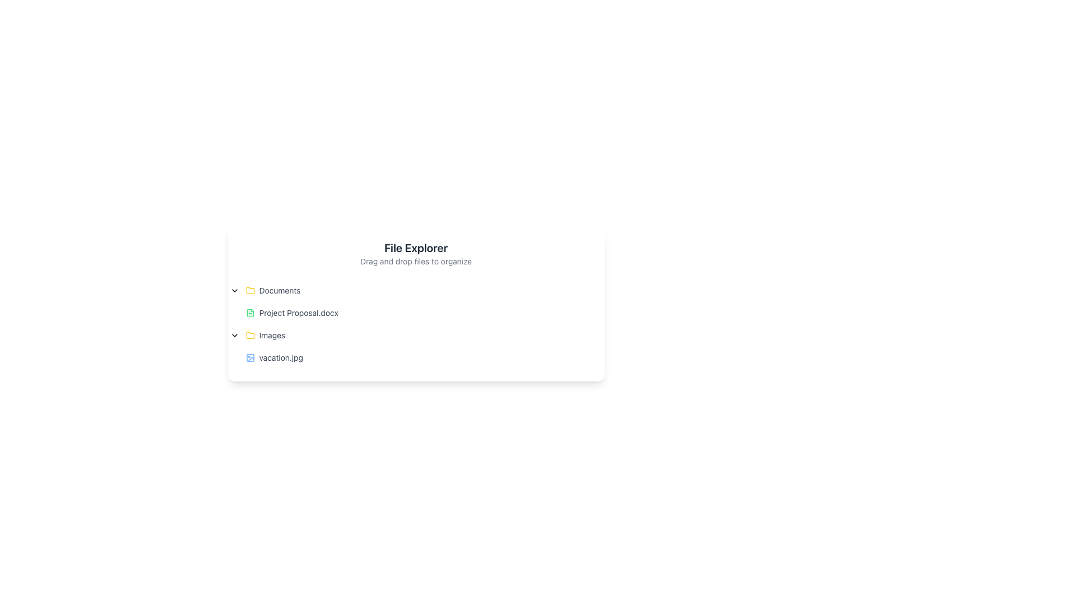 This screenshot has height=605, width=1076. I want to click on on the File list item labeled 'Project Proposal.docx' which is located in the 'Documents' section of the file explorer, so click(407, 313).